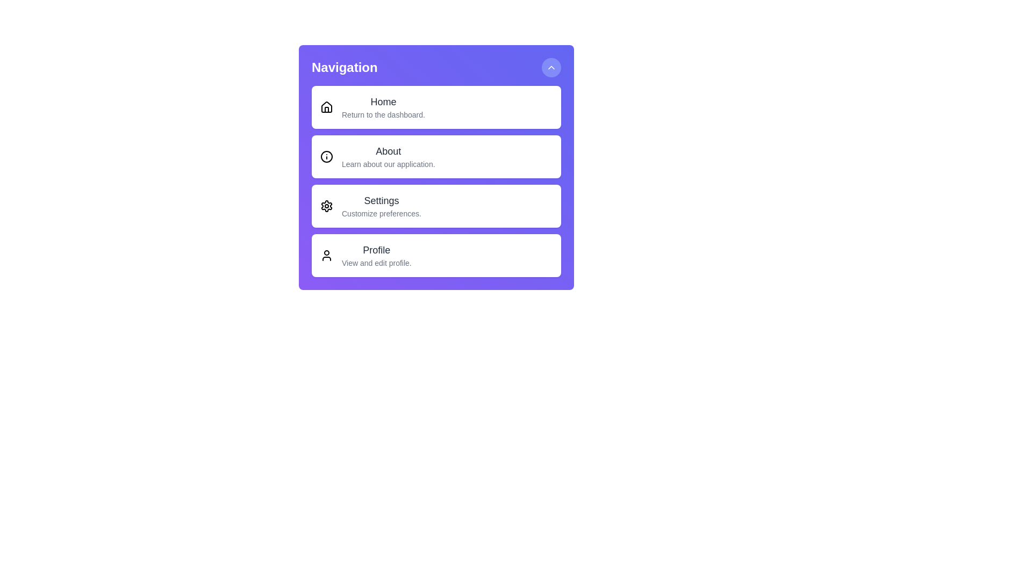 The height and width of the screenshot is (580, 1032). What do you see at coordinates (436, 157) in the screenshot?
I see `the menu option About by clicking on it` at bounding box center [436, 157].